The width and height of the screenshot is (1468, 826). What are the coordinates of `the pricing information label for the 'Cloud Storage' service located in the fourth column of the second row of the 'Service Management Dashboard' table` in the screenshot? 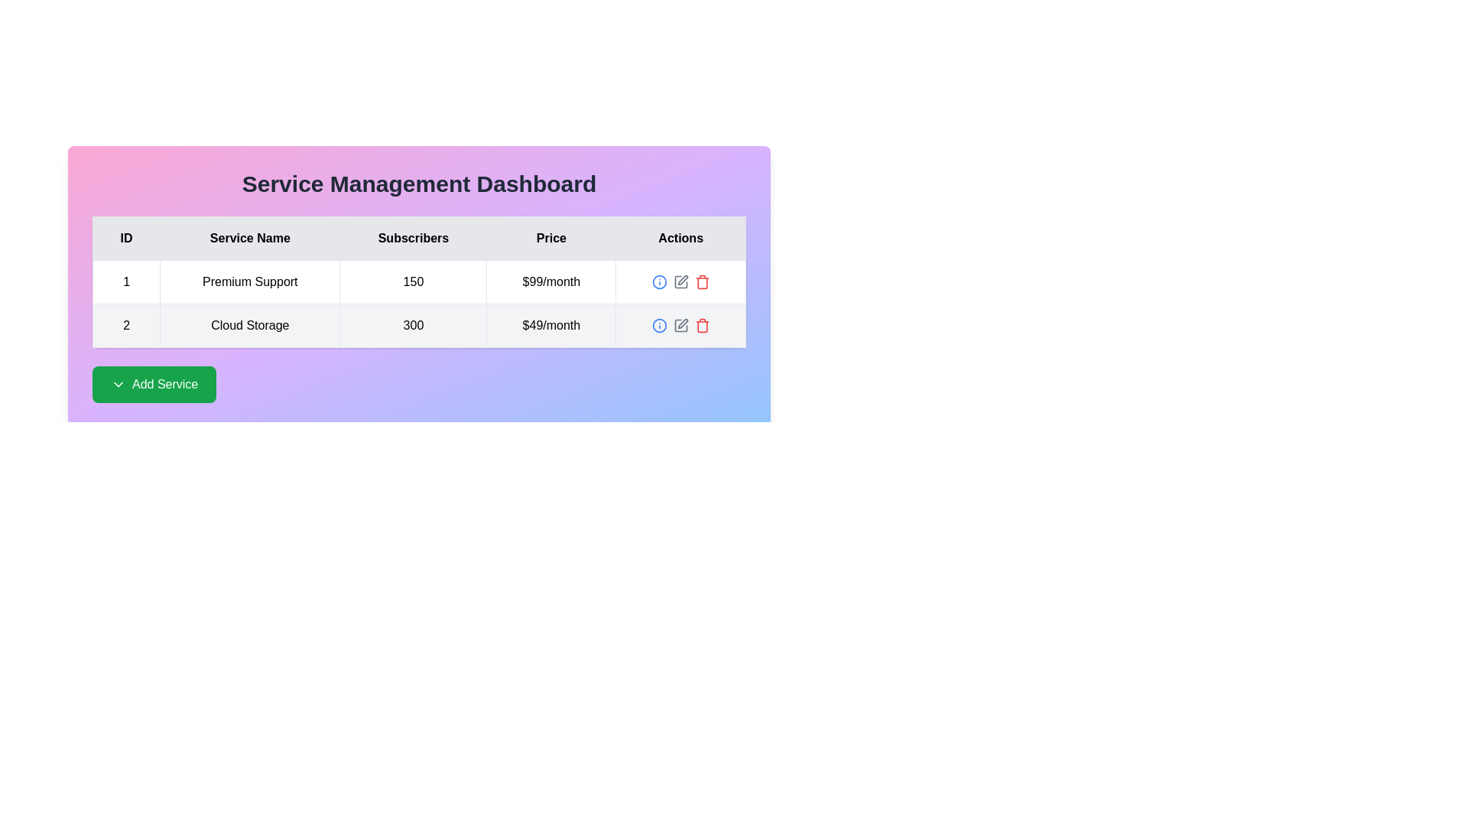 It's located at (550, 324).